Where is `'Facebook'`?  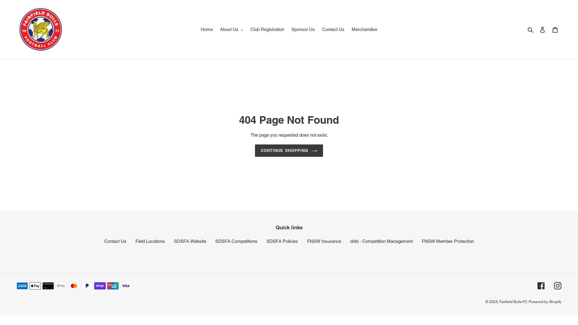 'Facebook' is located at coordinates (541, 285).